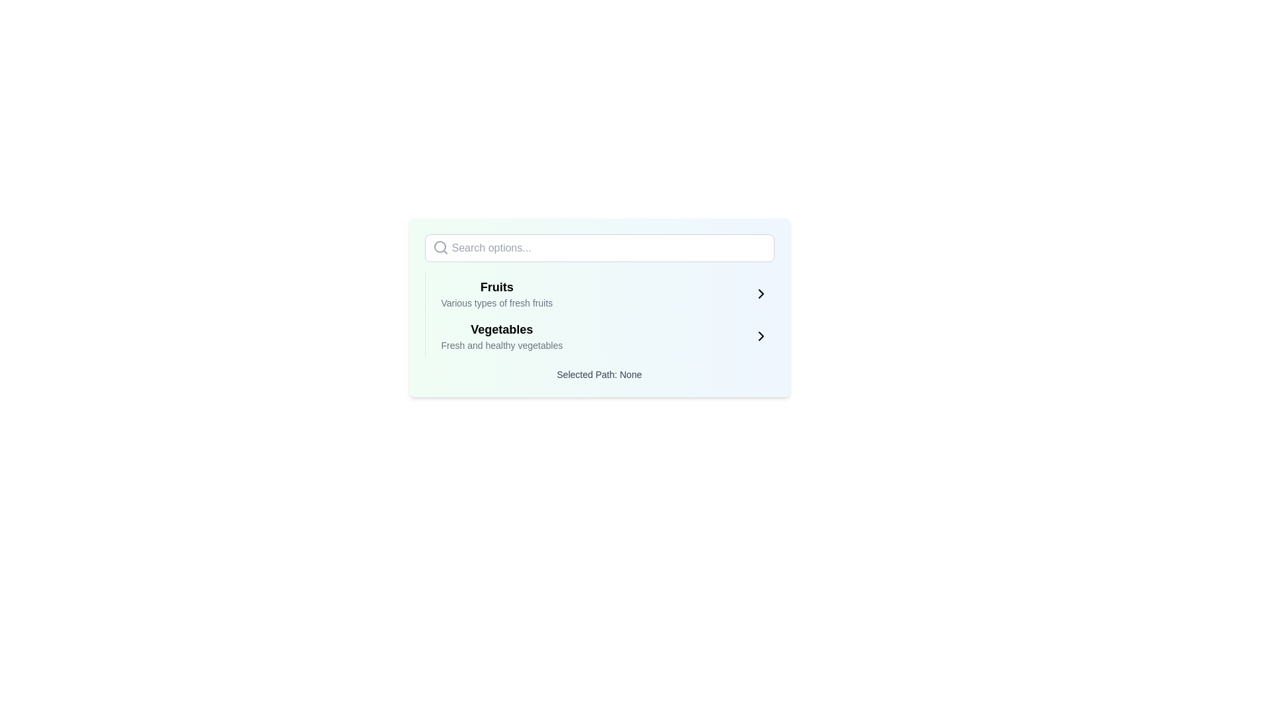  I want to click on the text label that says 'Fresh and healthy vegetables', which is styled in light gray and positioned below the bold heading 'Vegetables', so click(501, 344).